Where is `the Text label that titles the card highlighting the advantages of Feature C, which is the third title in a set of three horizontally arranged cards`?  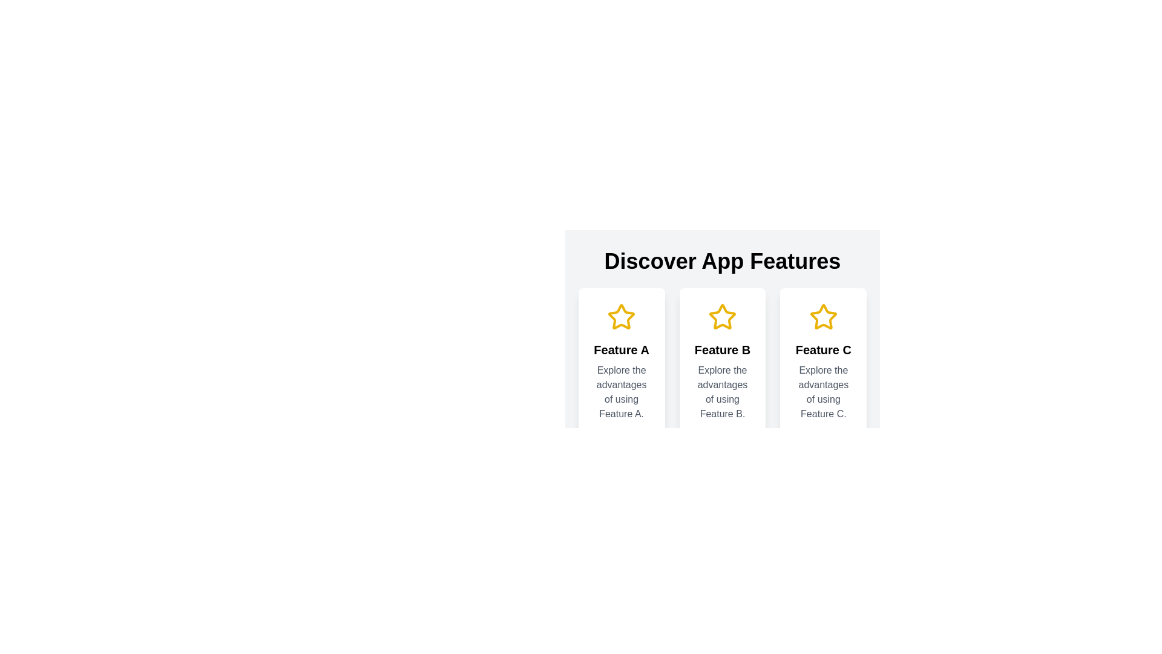
the Text label that titles the card highlighting the advantages of Feature C, which is the third title in a set of three horizontally arranged cards is located at coordinates (823, 350).